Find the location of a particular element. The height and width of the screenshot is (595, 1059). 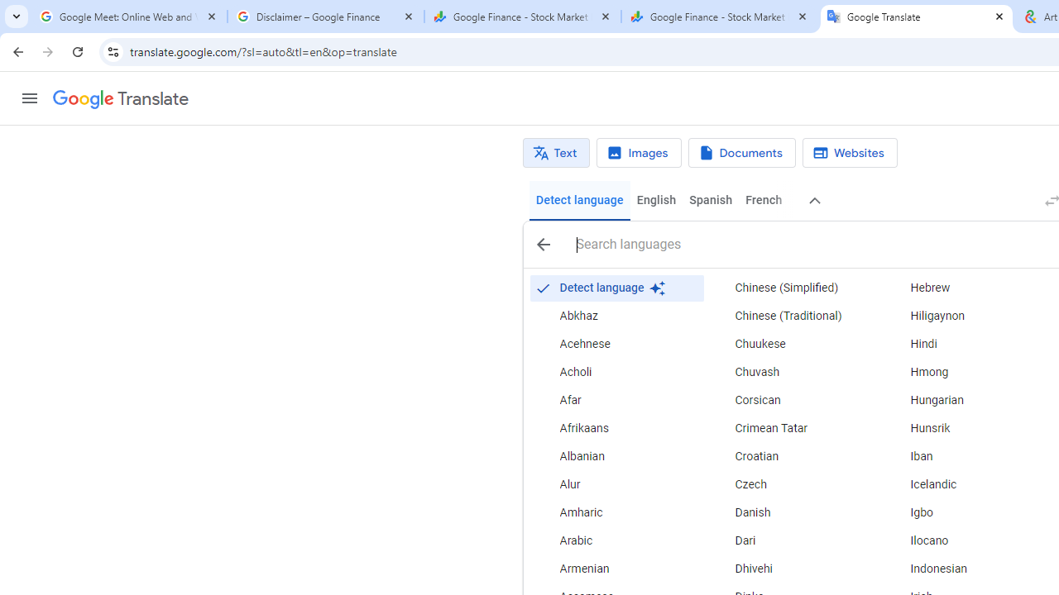

'Chuukese' is located at coordinates (791, 343).